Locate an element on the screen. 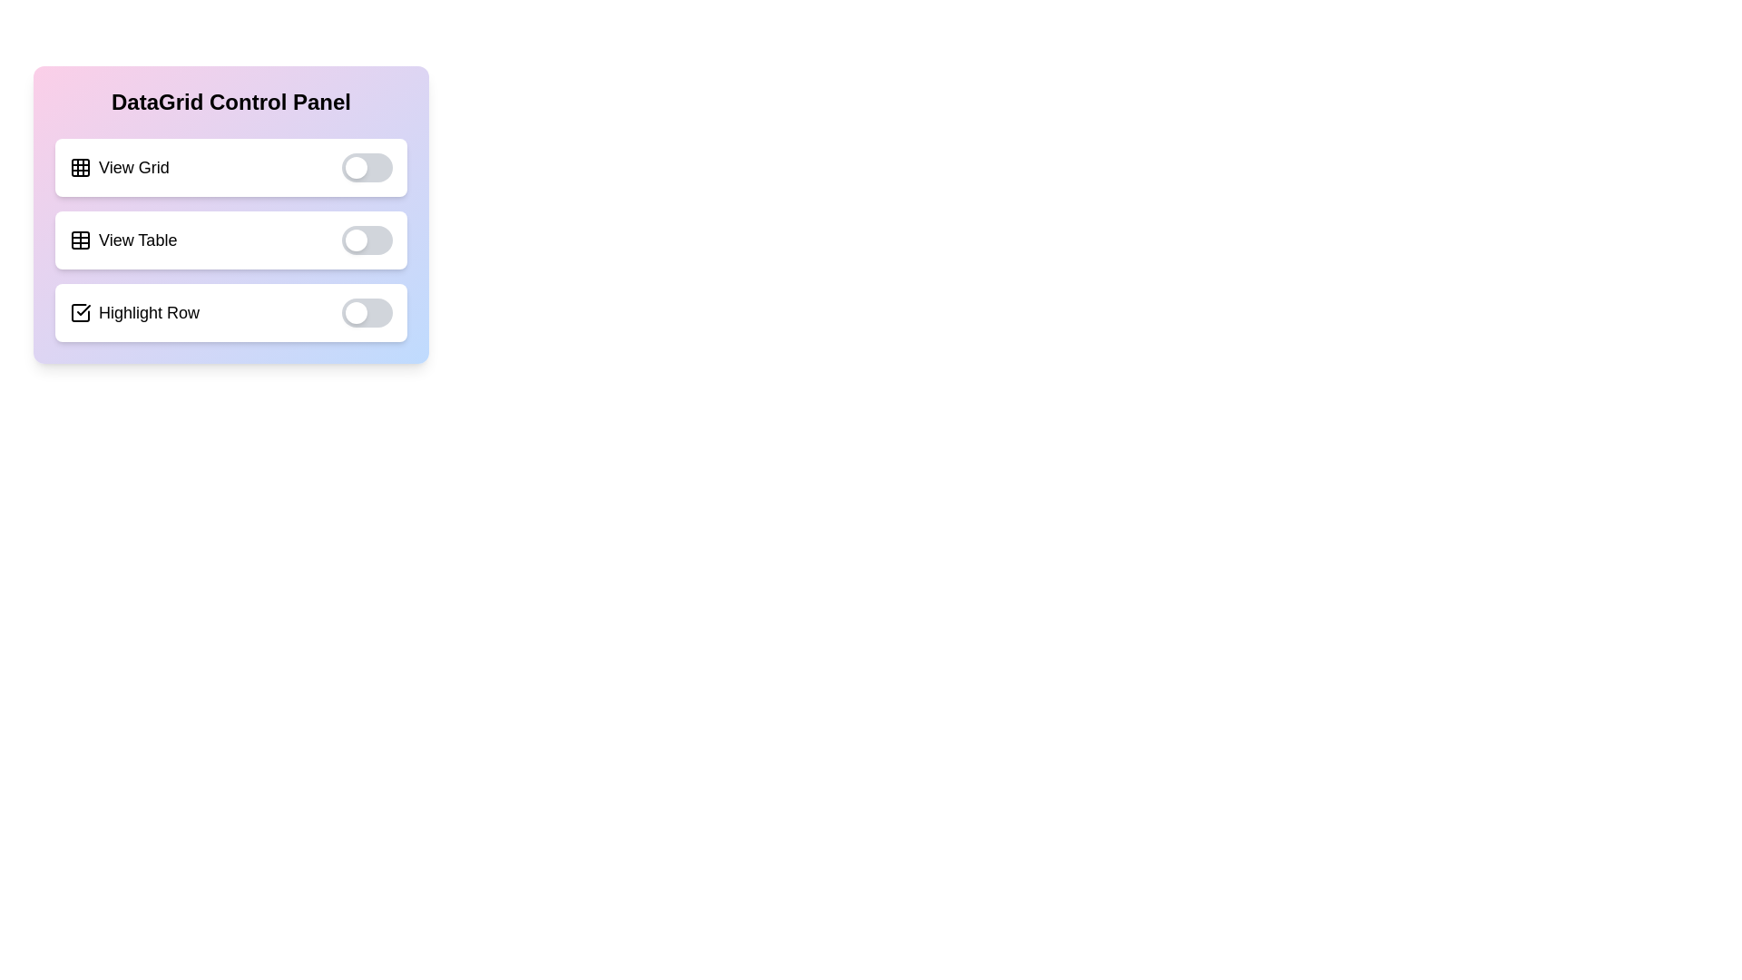 The height and width of the screenshot is (980, 1742). the text 'View Table' to select or focus on it is located at coordinates (230, 240).